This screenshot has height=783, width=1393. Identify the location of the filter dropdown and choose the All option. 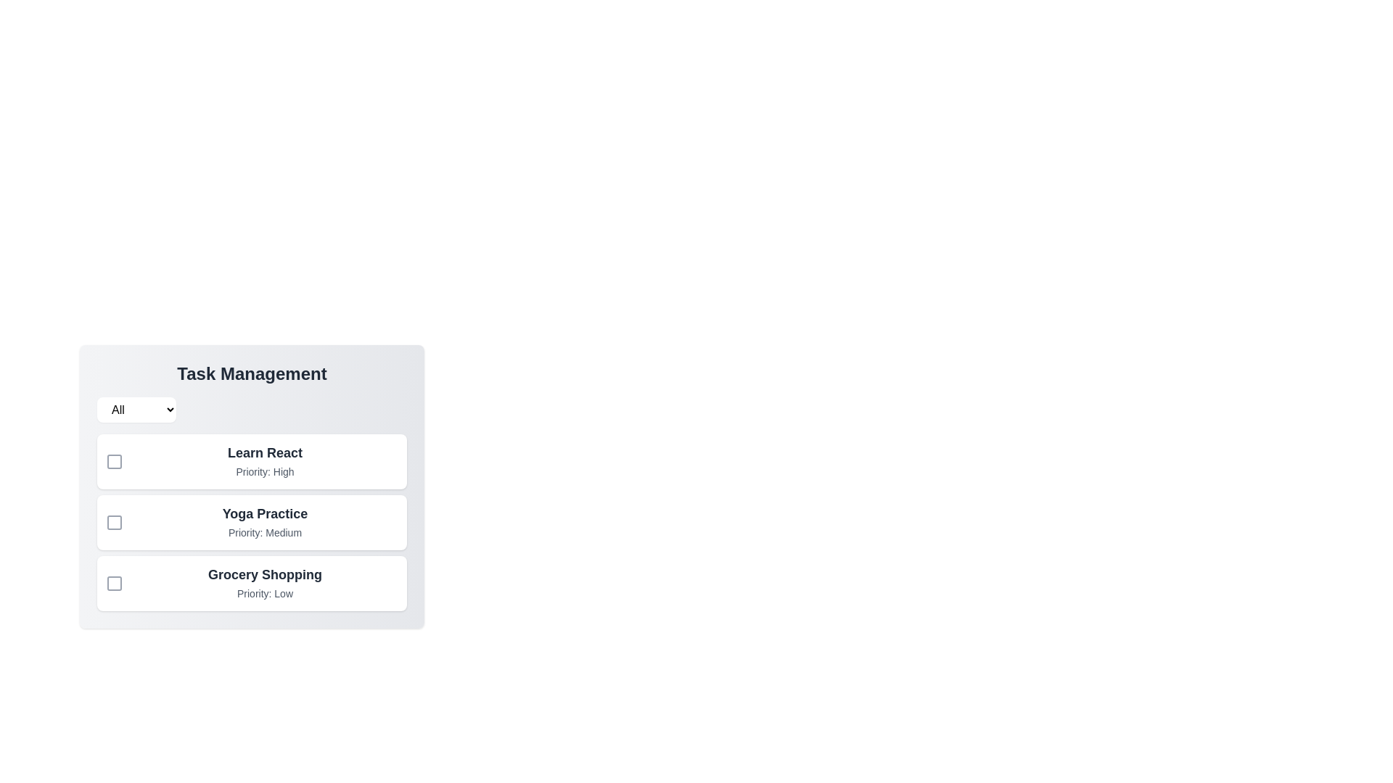
(136, 410).